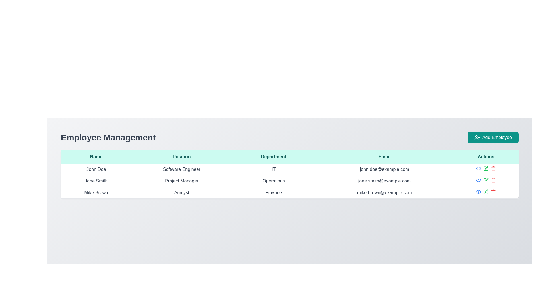 The width and height of the screenshot is (546, 307). Describe the element at coordinates (96, 192) in the screenshot. I see `the static text element displaying 'Mike Brown', which is located in the third row of the table under the 'Name' column` at that location.